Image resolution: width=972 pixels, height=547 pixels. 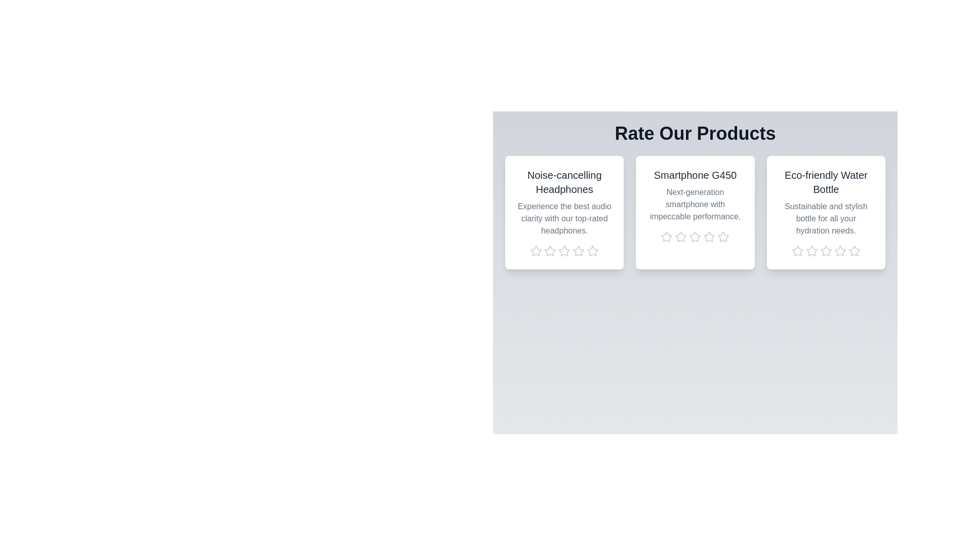 What do you see at coordinates (695, 212) in the screenshot?
I see `the product card for Smartphone G450` at bounding box center [695, 212].